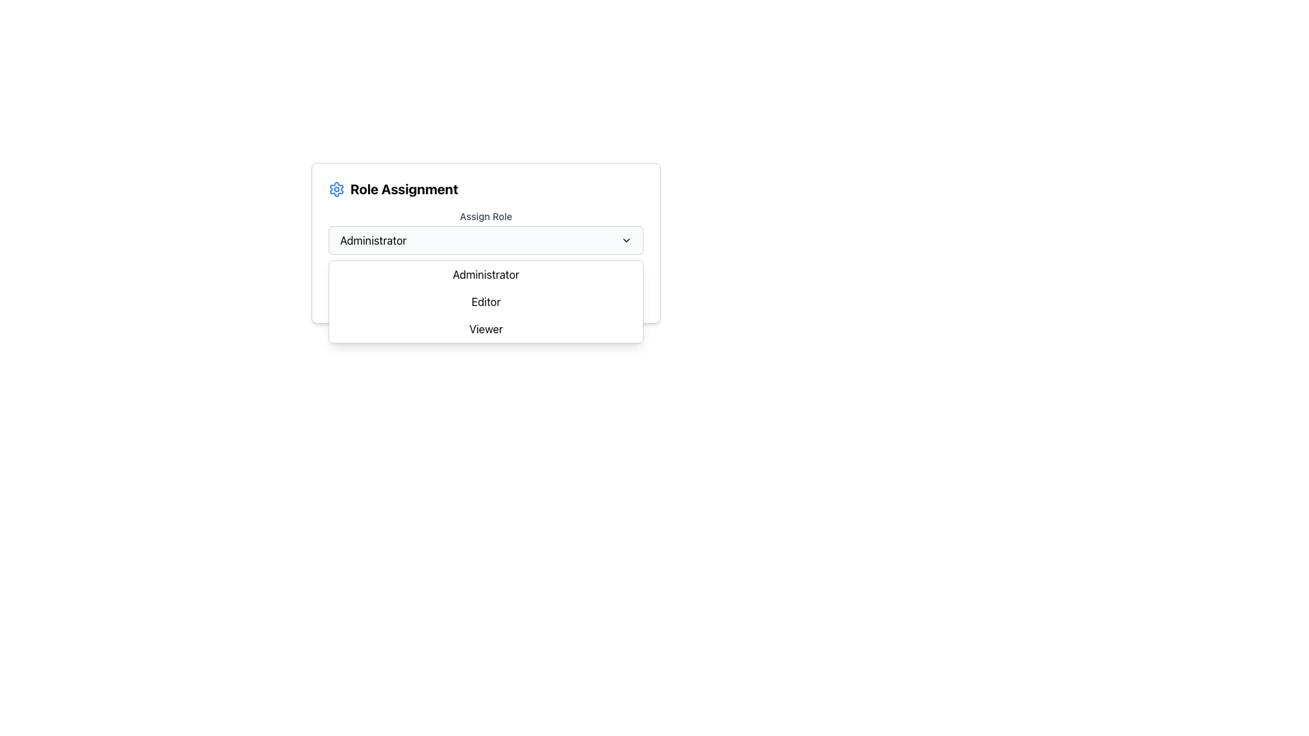 This screenshot has width=1309, height=736. Describe the element at coordinates (404, 189) in the screenshot. I see `bold text label 'Role Assignment' that is positioned slightly to the right of an icon at the top of the content panel` at that location.